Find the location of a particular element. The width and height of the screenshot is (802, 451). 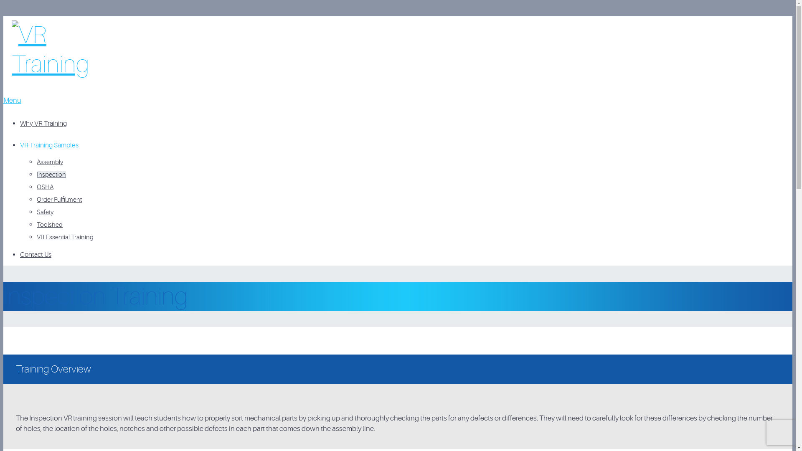

'Menu' is located at coordinates (12, 100).